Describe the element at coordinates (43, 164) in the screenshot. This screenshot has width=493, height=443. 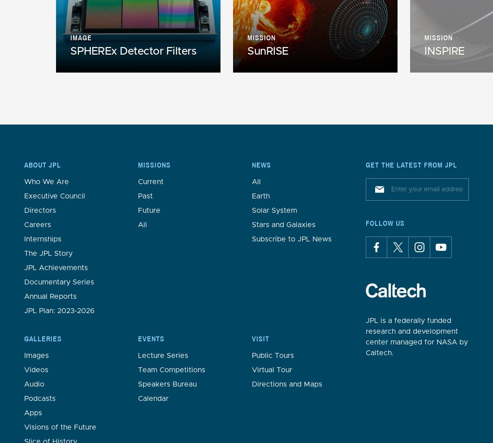
I see `'About JPL'` at that location.